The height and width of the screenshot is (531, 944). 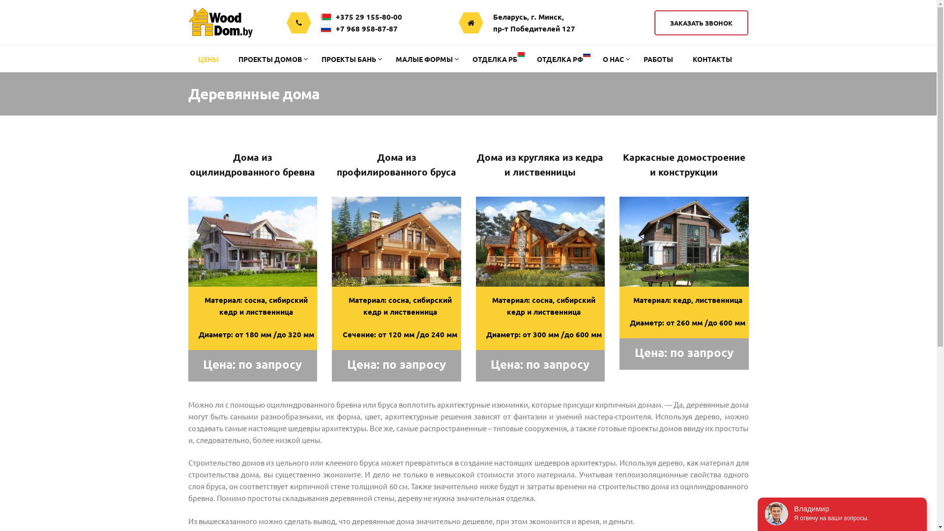 What do you see at coordinates (360, 17) in the screenshot?
I see `'+375 29 155-80-00'` at bounding box center [360, 17].